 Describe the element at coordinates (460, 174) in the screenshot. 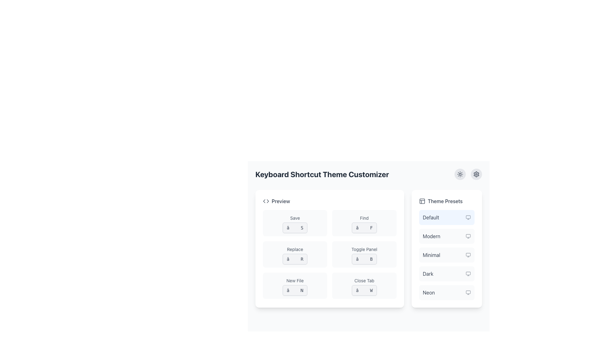

I see `the sun icon located in the top-right corner of the interface` at that location.